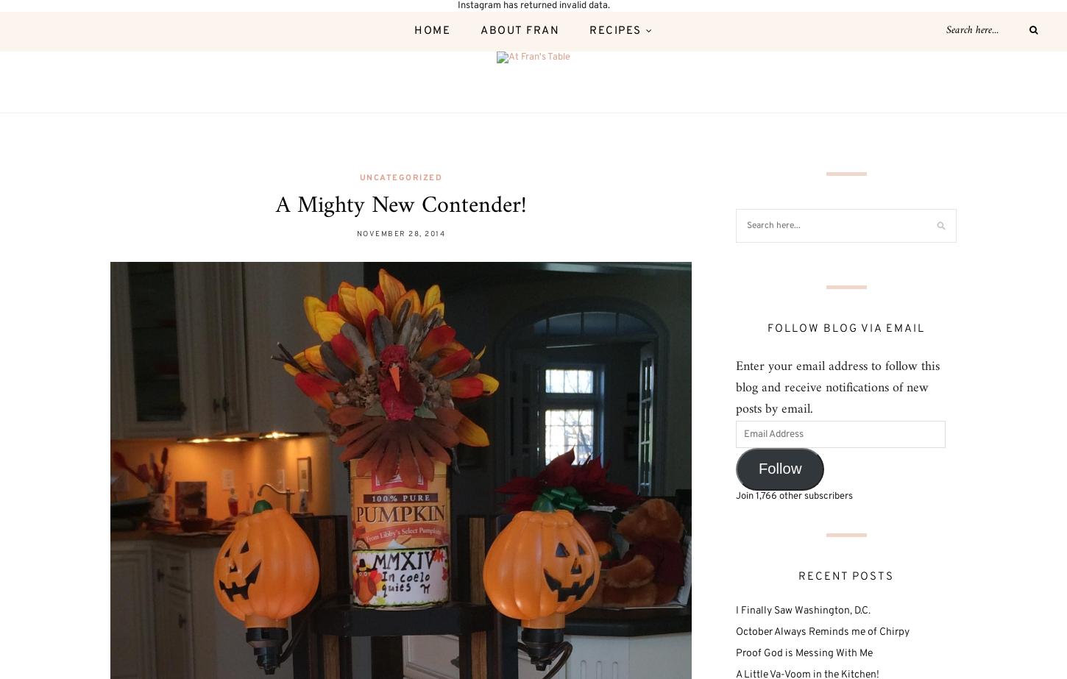  Describe the element at coordinates (821, 631) in the screenshot. I see `'October Always Reminds me of Chirpy'` at that location.